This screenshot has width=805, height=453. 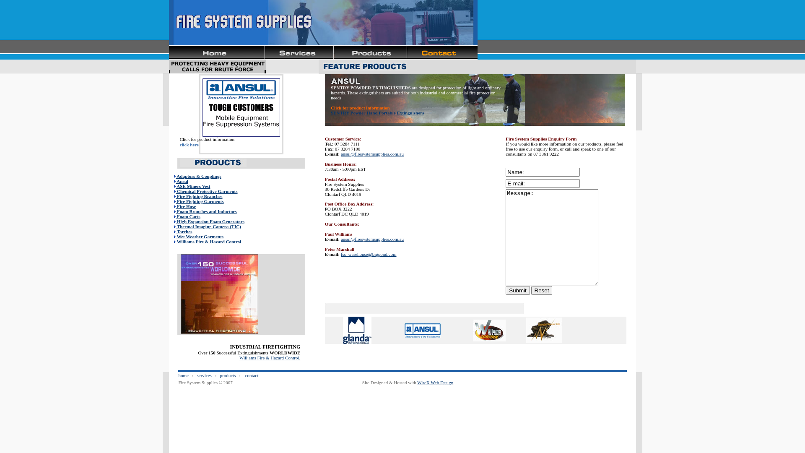 What do you see at coordinates (207, 241) in the screenshot?
I see `' Williams Fire & Hazard Control'` at bounding box center [207, 241].